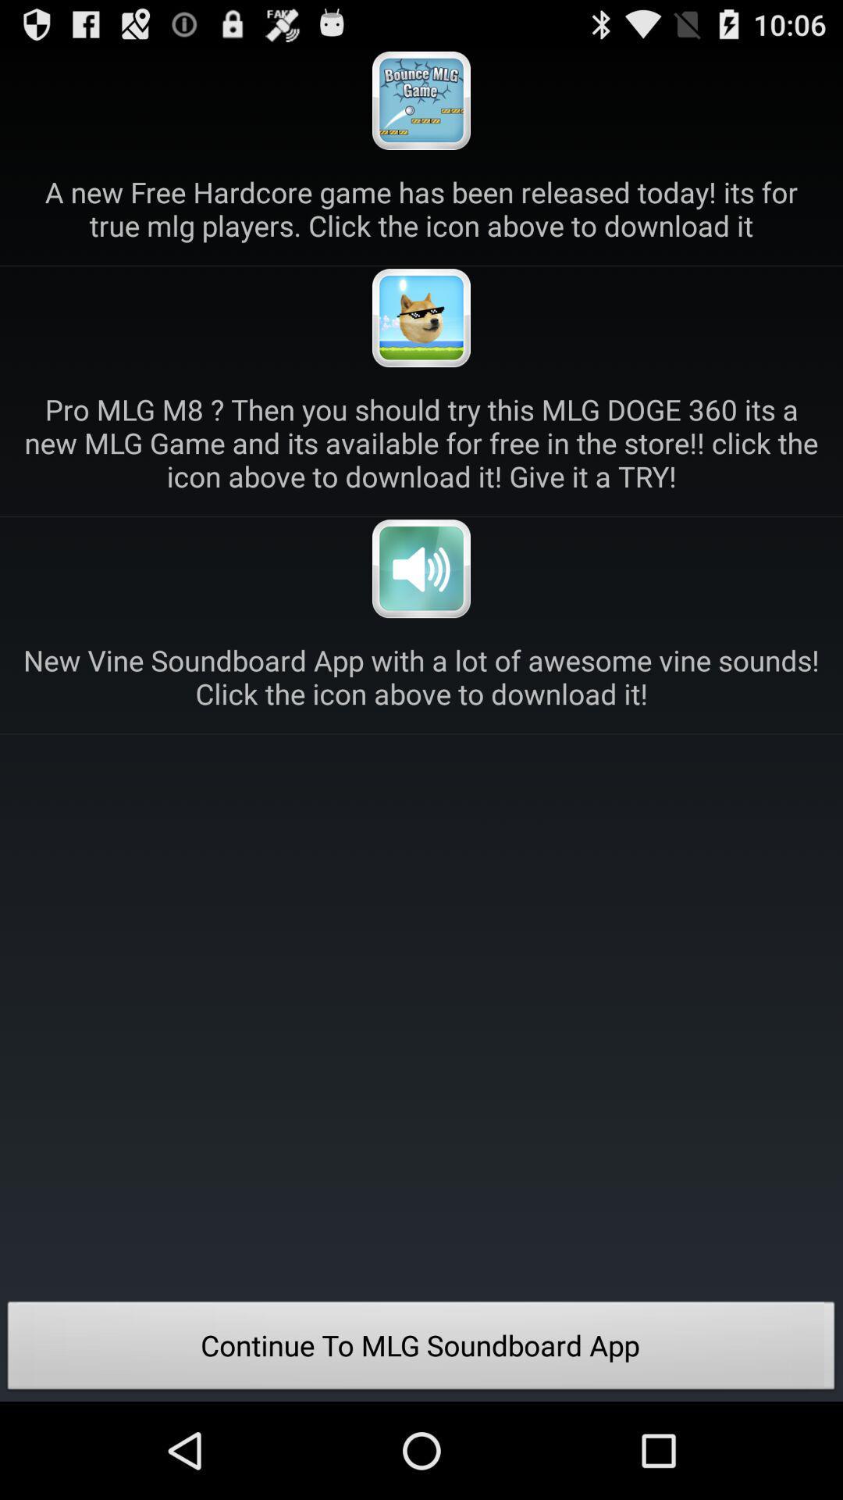  Describe the element at coordinates (421, 317) in the screenshot. I see `click for dog sound` at that location.